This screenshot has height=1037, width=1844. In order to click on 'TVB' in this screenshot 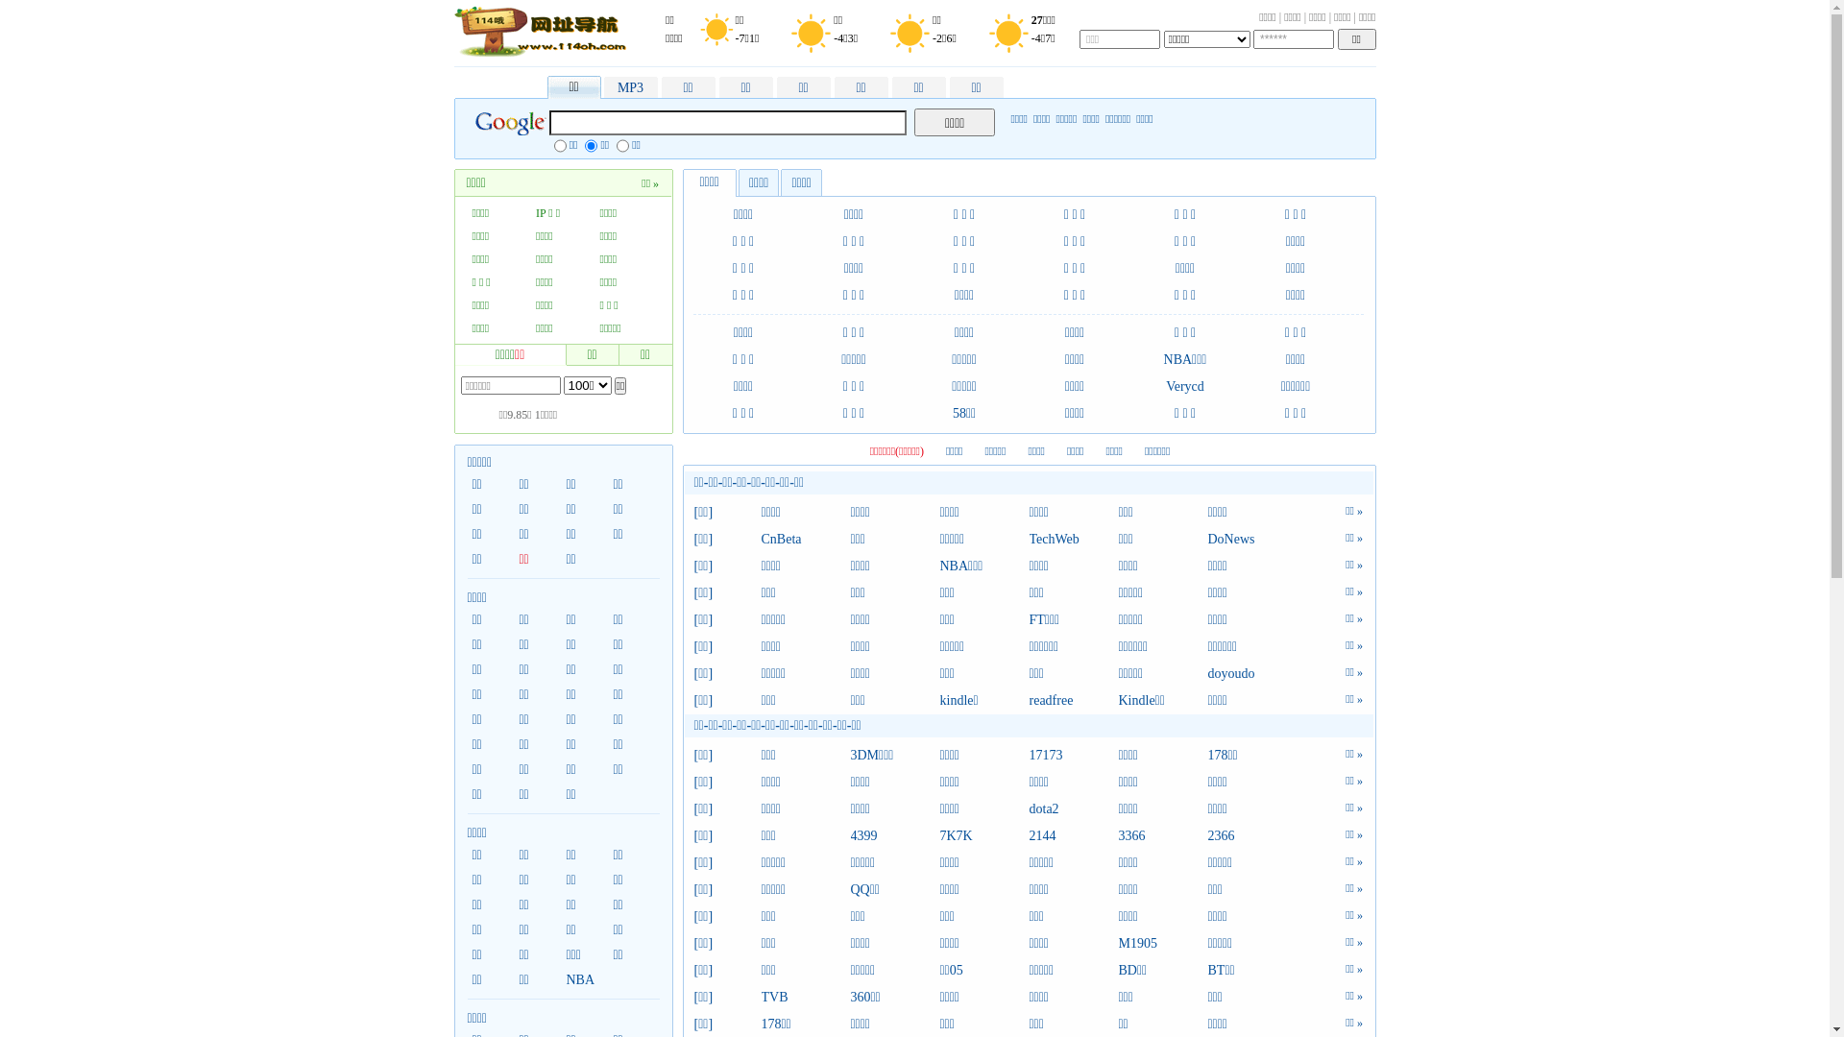, I will do `click(760, 996)`.